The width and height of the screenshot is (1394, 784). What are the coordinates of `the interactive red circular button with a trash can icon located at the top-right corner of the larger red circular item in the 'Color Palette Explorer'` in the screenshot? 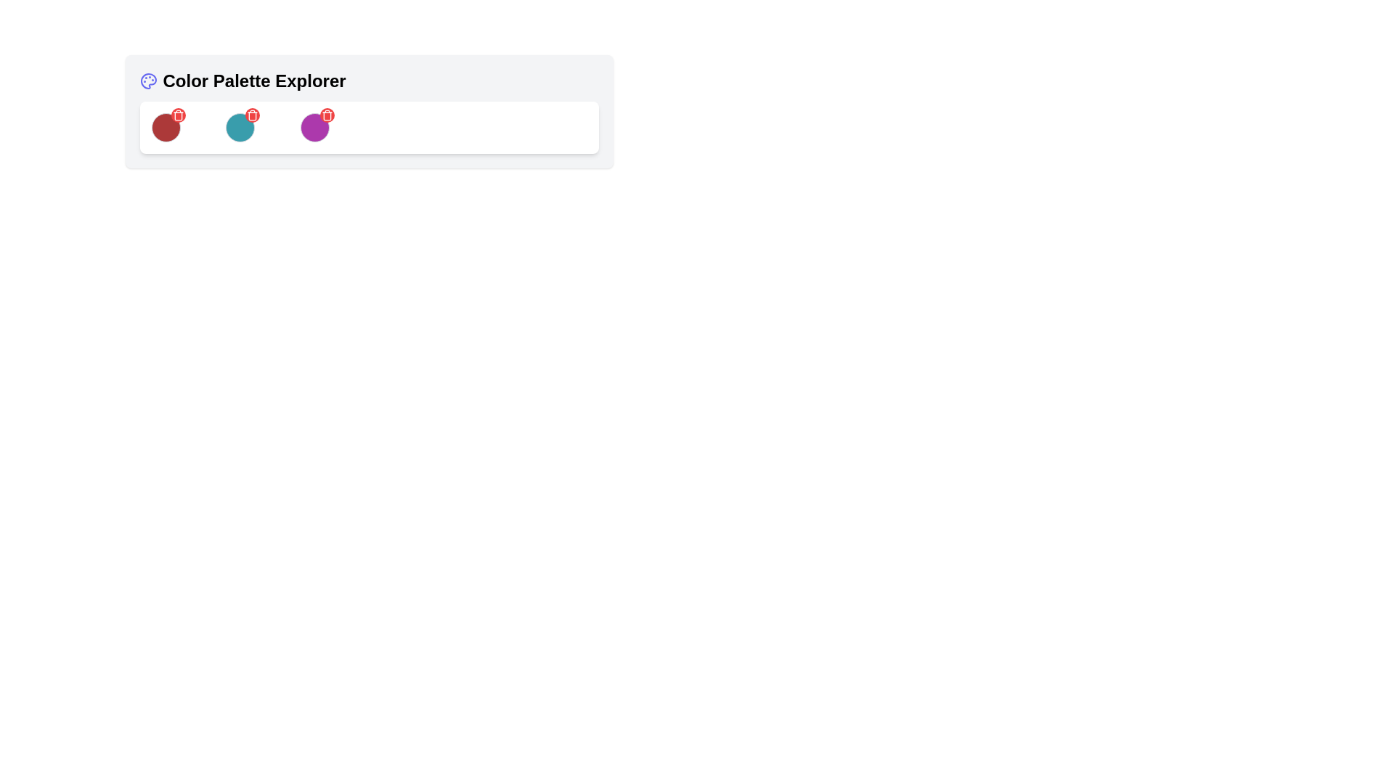 It's located at (177, 114).